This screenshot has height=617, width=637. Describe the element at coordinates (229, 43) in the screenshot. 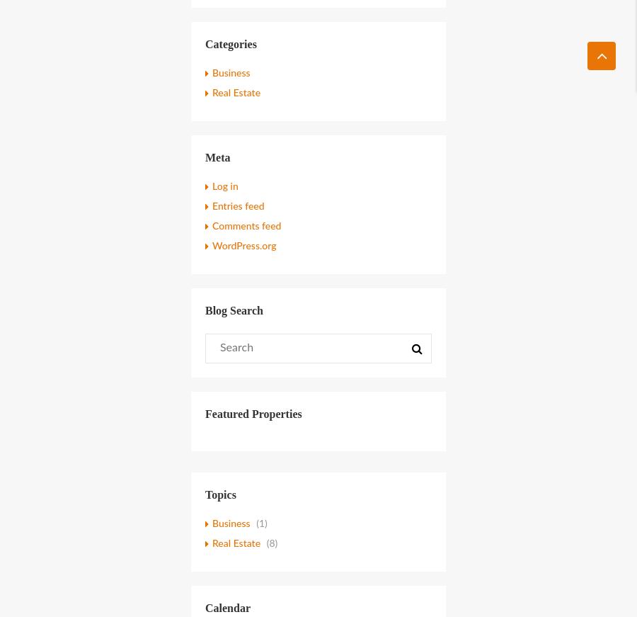

I see `'Categories'` at that location.